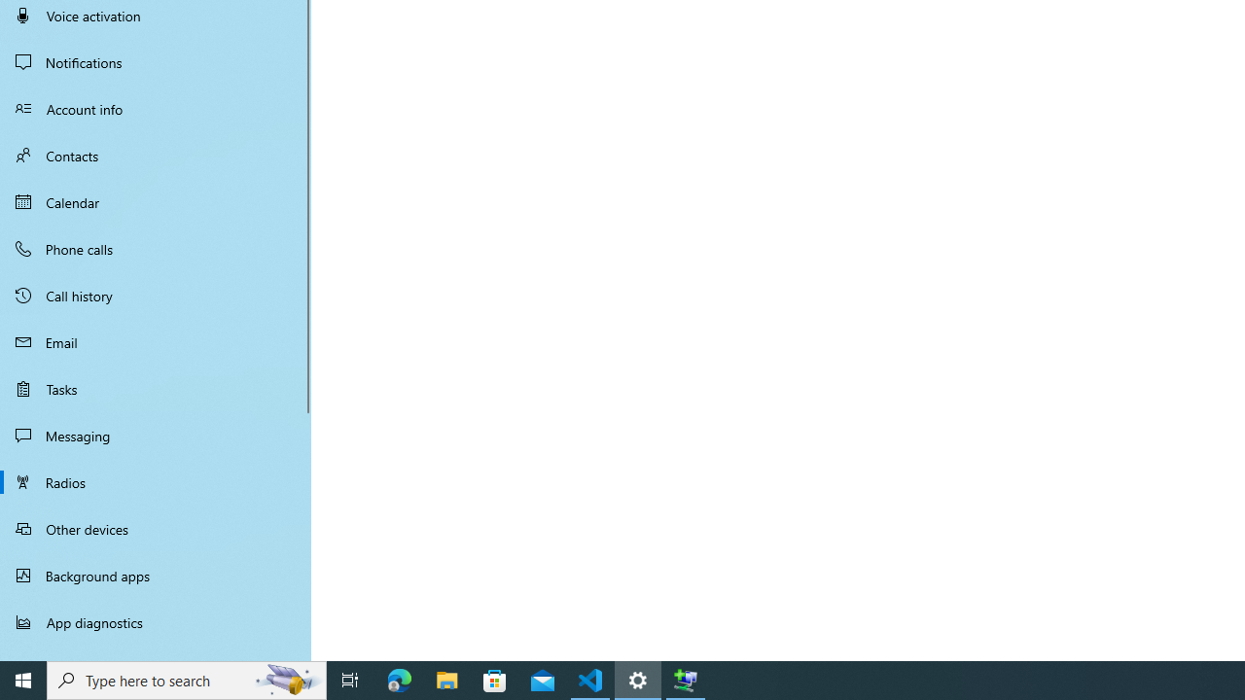  What do you see at coordinates (399, 679) in the screenshot?
I see `'Microsoft Edge'` at bounding box center [399, 679].